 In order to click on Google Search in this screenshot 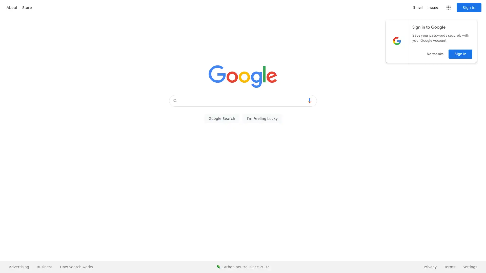, I will do `click(221, 119)`.